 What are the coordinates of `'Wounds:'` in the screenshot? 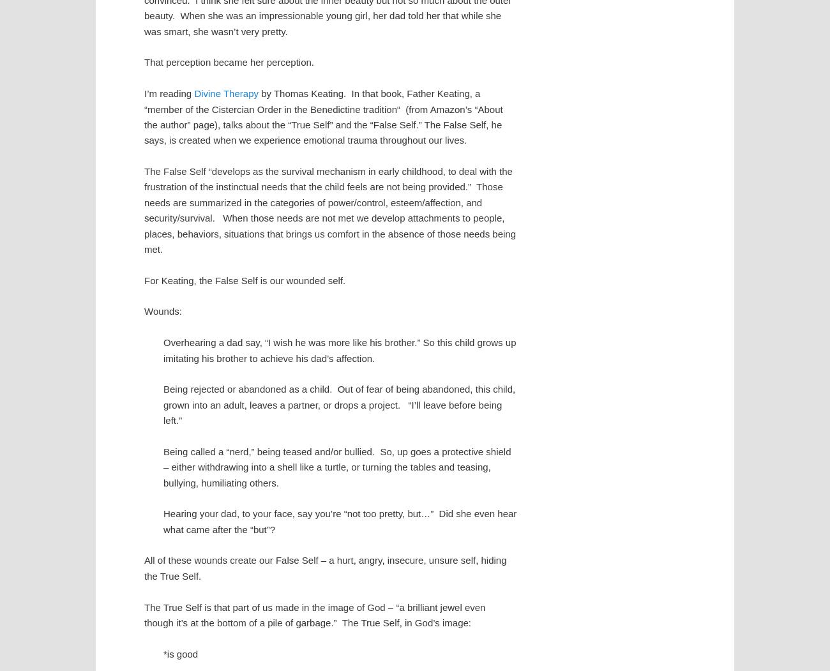 It's located at (162, 311).